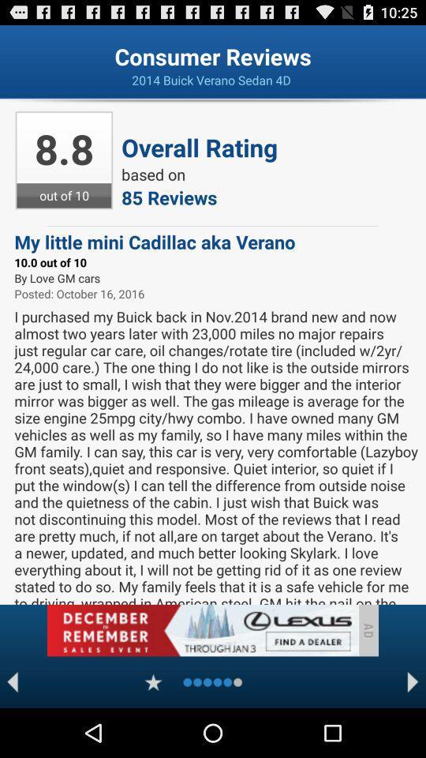 This screenshot has width=426, height=758. Describe the element at coordinates (153, 681) in the screenshot. I see `mark as favorite` at that location.